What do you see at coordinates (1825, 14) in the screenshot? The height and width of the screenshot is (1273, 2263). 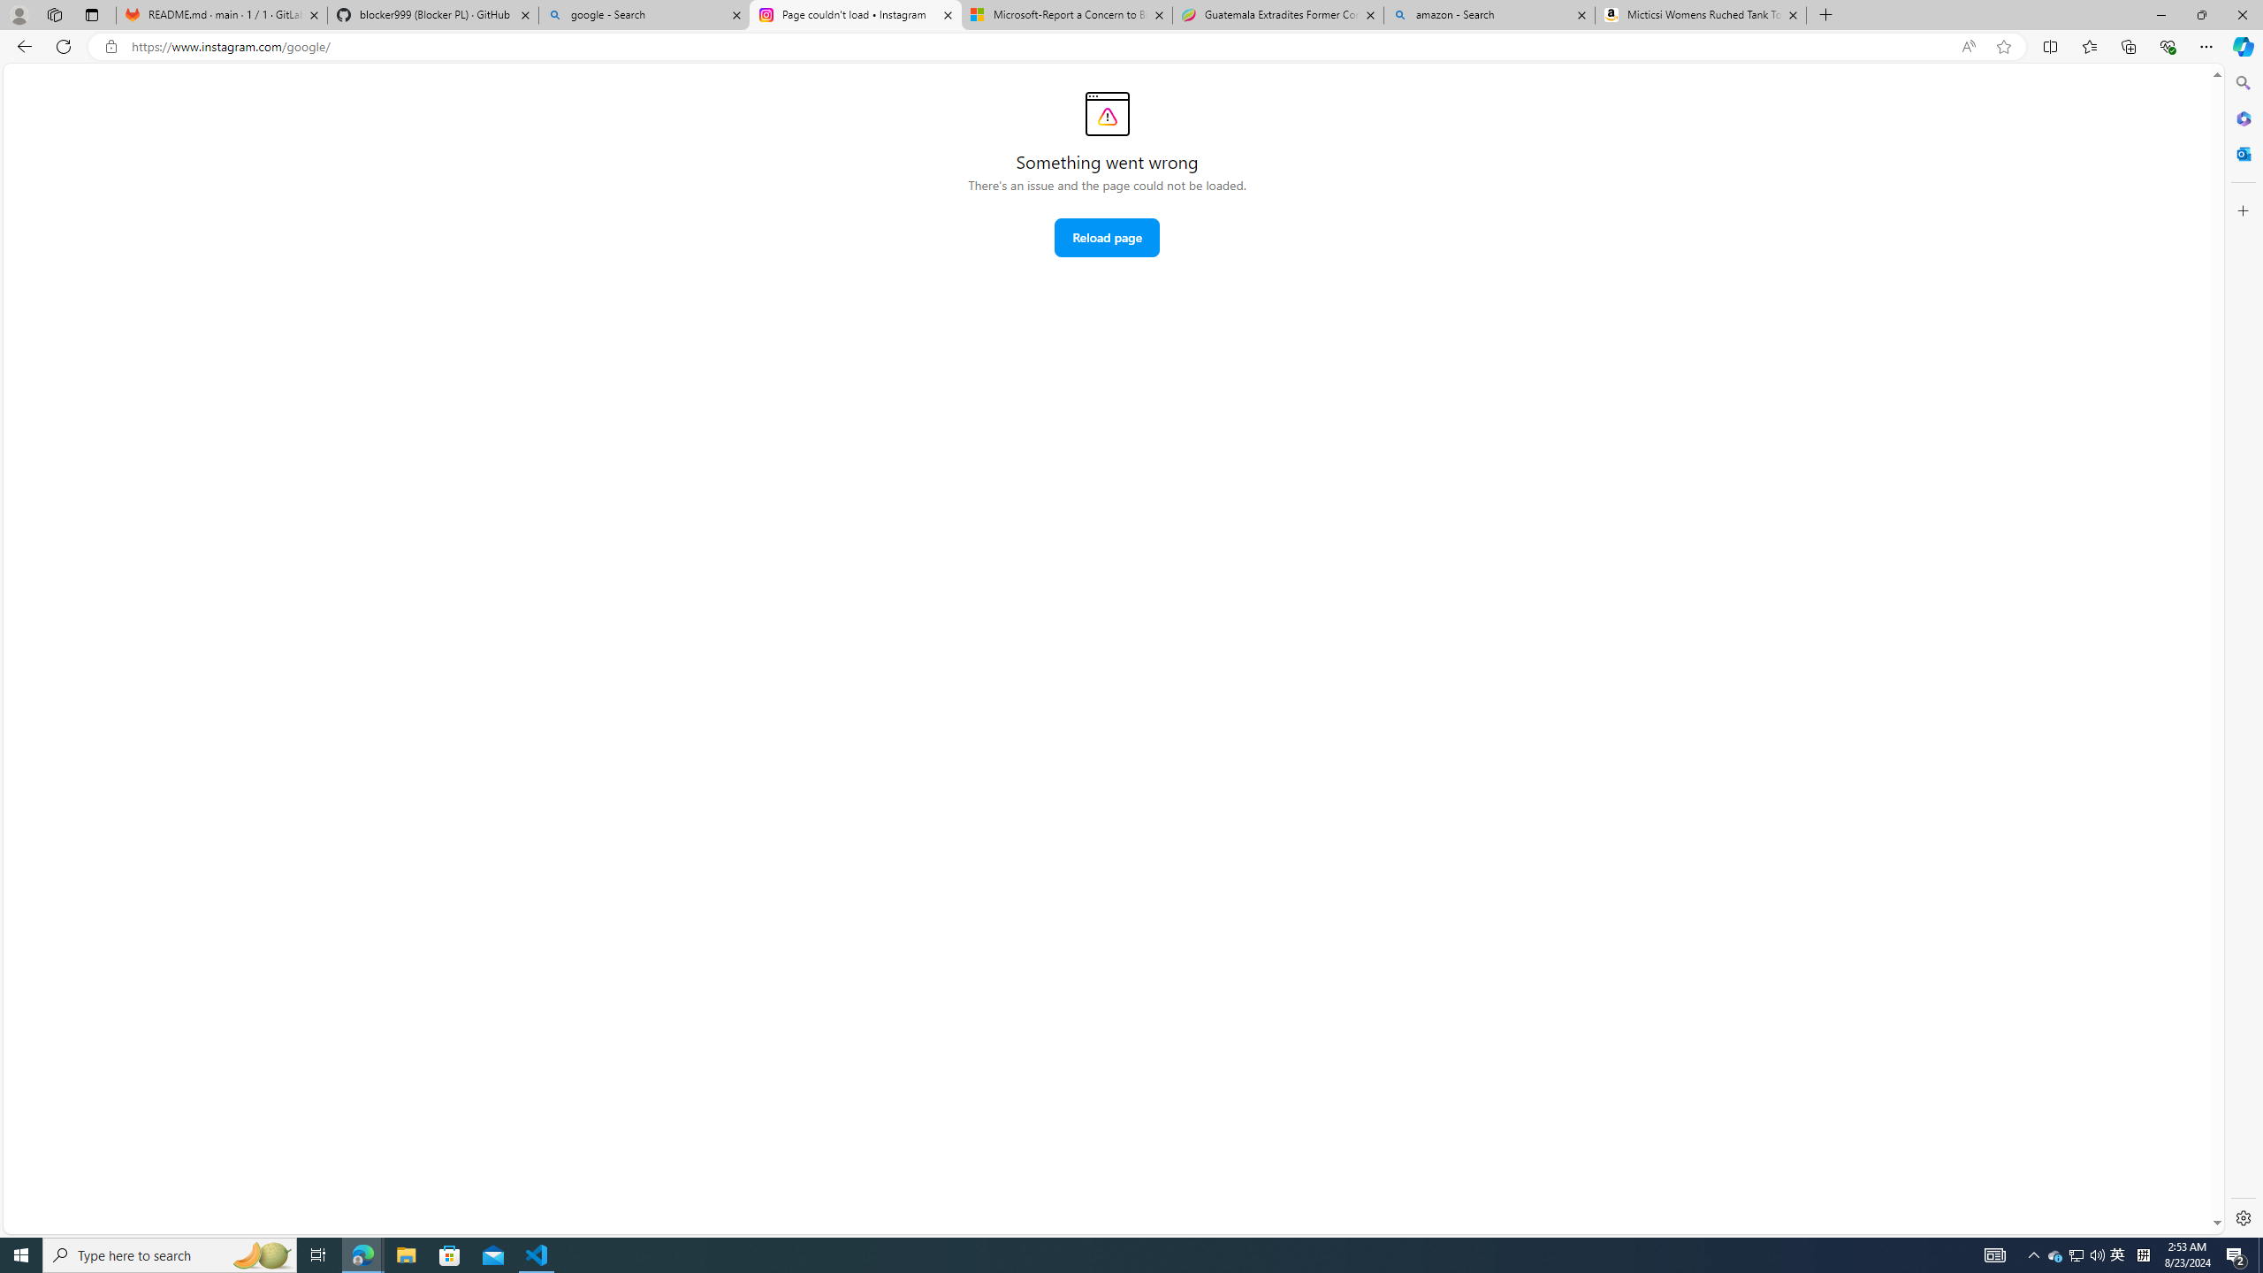 I see `'New Tab'` at bounding box center [1825, 14].